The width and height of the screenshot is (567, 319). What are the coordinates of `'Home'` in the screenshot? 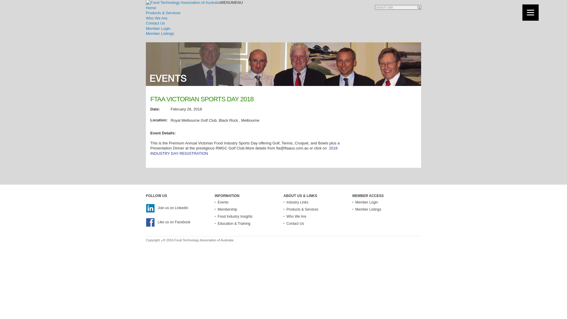 It's located at (151, 8).